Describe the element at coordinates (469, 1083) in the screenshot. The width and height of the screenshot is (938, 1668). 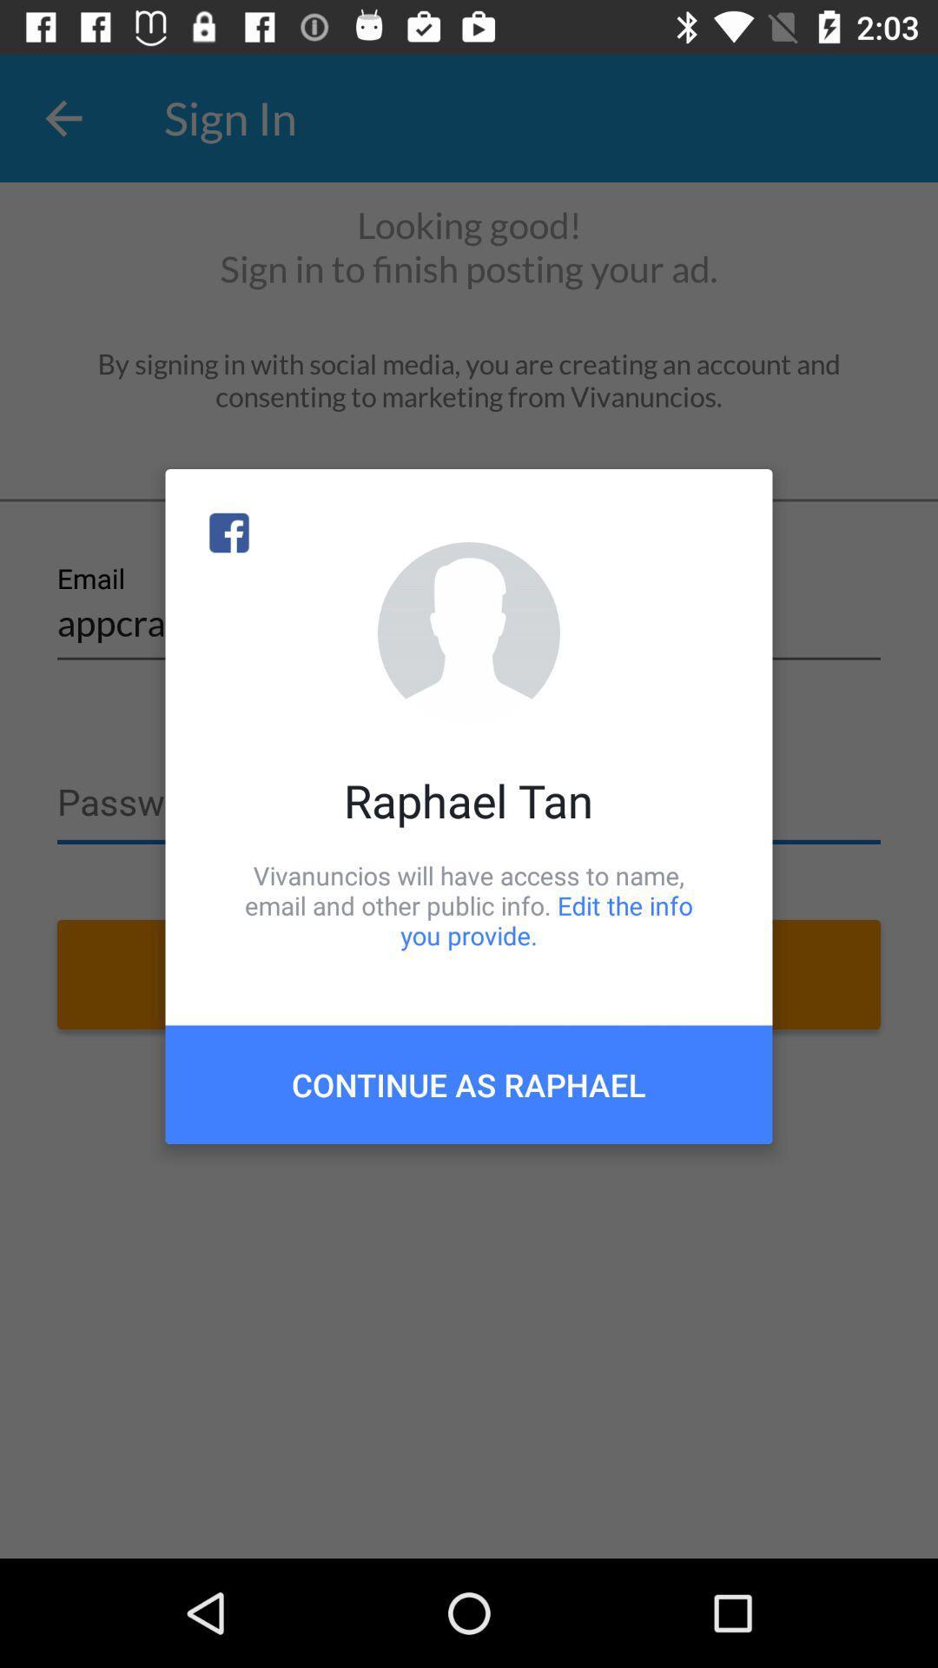
I see `continue as raphael item` at that location.